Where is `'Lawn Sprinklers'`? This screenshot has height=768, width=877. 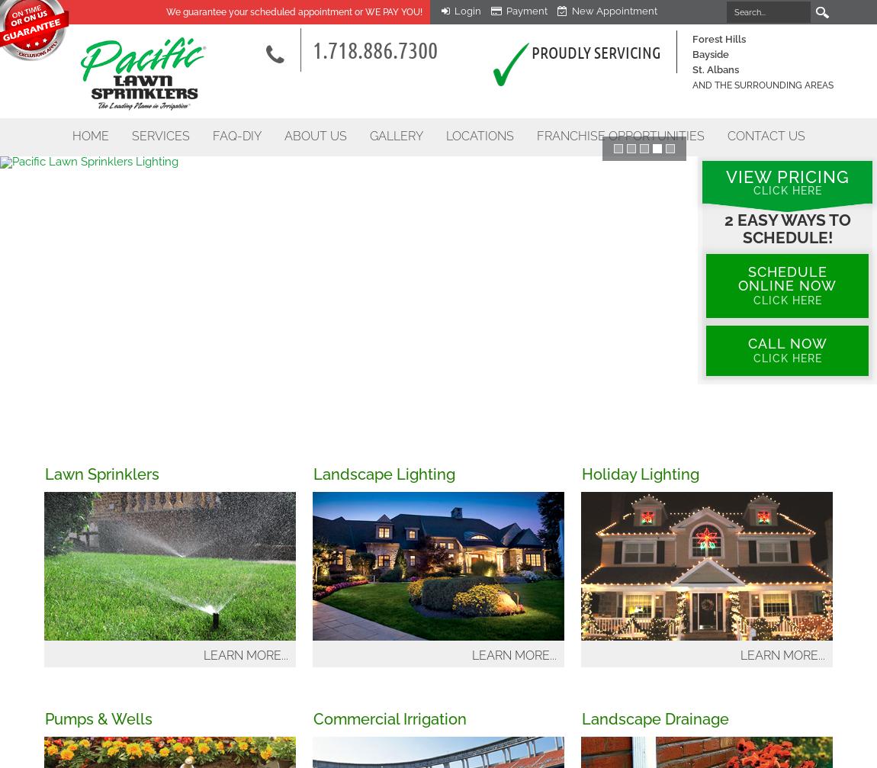 'Lawn Sprinklers' is located at coordinates (101, 474).